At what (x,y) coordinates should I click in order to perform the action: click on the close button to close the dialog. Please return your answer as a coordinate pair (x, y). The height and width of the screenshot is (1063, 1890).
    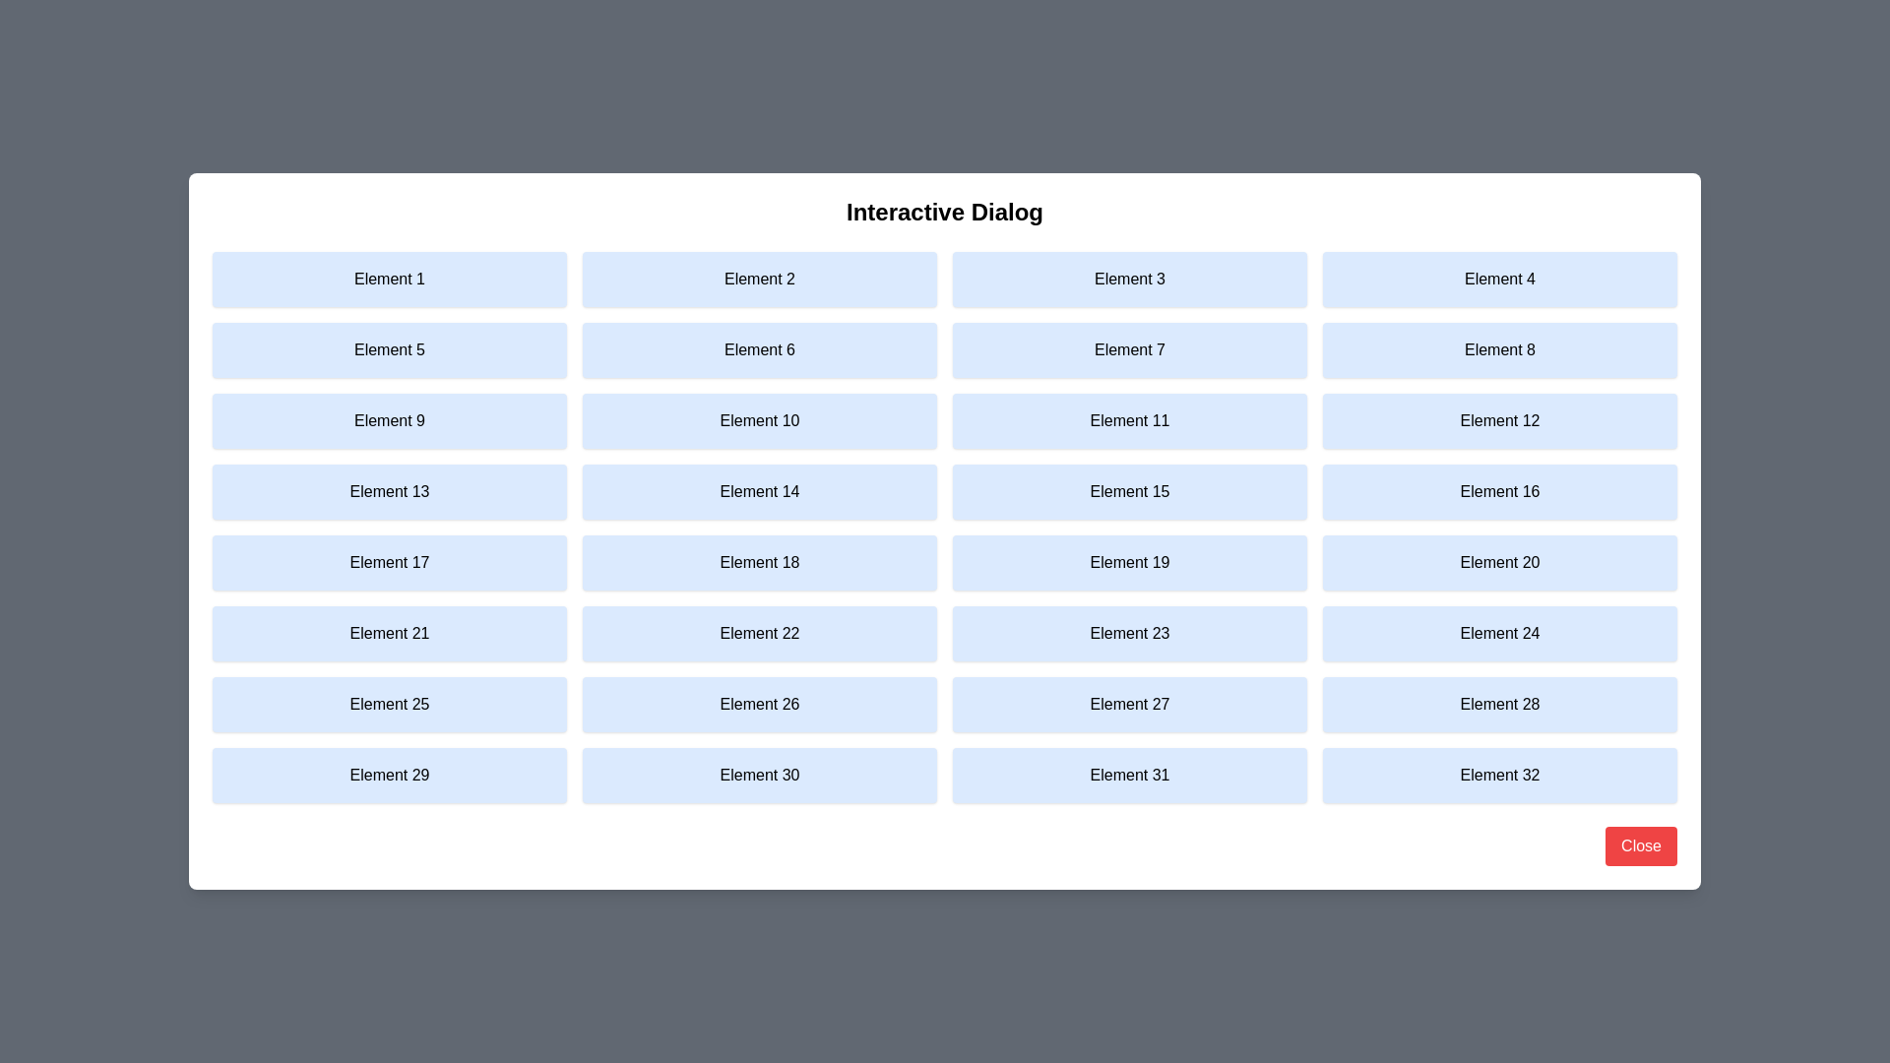
    Looking at the image, I should click on (1641, 845).